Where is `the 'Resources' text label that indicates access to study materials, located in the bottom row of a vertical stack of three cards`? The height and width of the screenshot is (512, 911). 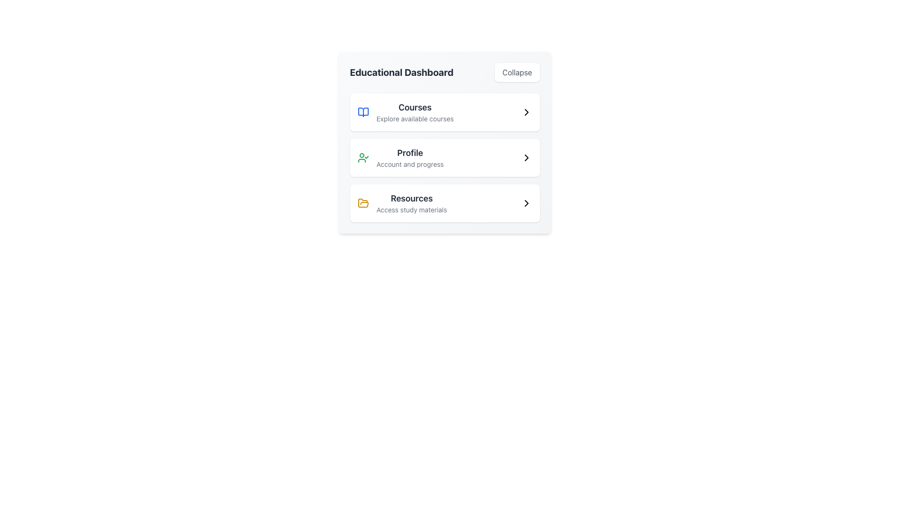
the 'Resources' text label that indicates access to study materials, located in the bottom row of a vertical stack of three cards is located at coordinates (411, 202).